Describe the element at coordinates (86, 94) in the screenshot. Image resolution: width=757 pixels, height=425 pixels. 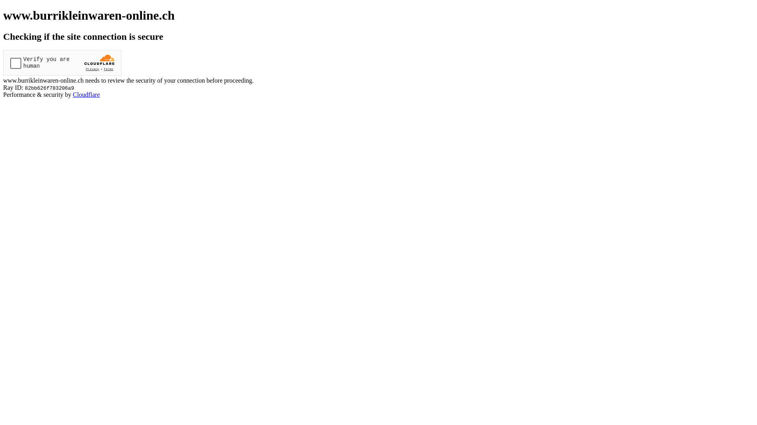
I see `'Cloudflare'` at that location.